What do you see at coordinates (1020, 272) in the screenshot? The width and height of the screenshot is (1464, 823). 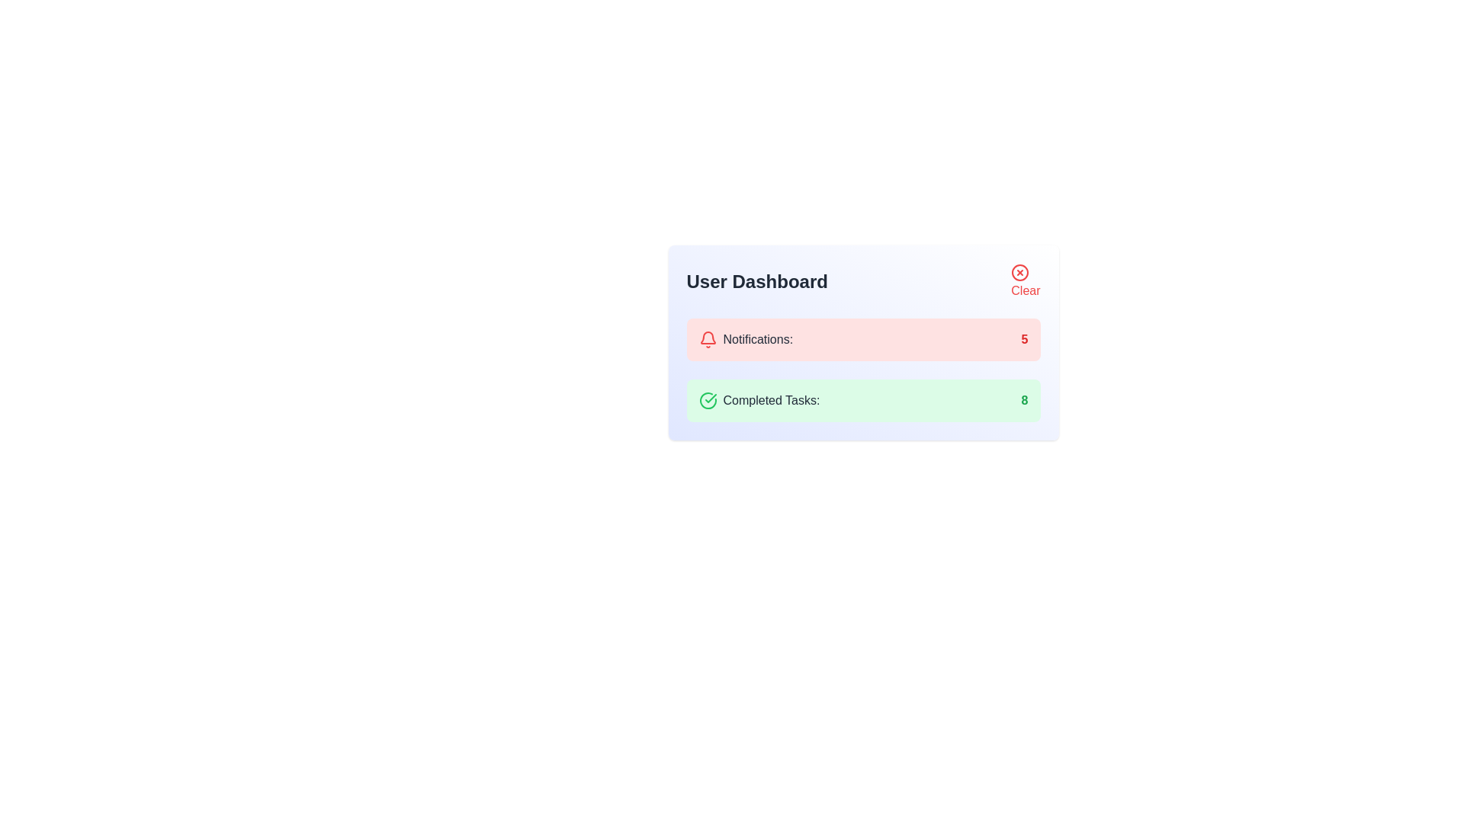 I see `the clear action icon located to the right of the 'Clear' label in the top-right corner of the user dashboard section` at bounding box center [1020, 272].